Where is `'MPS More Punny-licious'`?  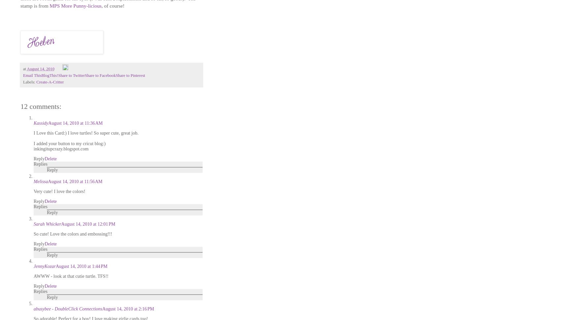
'MPS More Punny-licious' is located at coordinates (75, 5).